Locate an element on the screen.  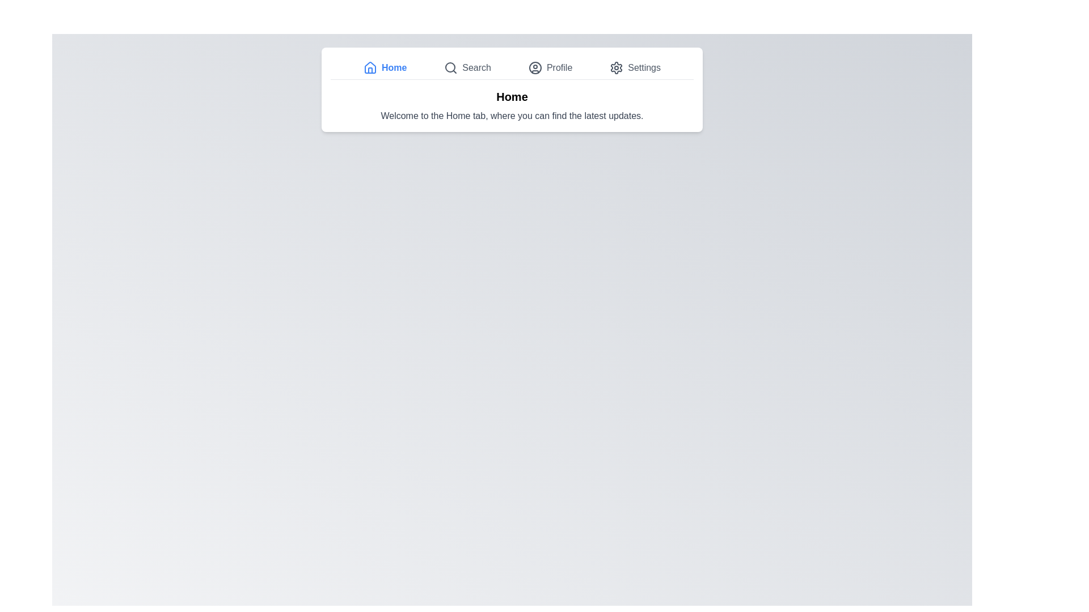
the circular user profile icon located in the navigation bar is located at coordinates (534, 67).